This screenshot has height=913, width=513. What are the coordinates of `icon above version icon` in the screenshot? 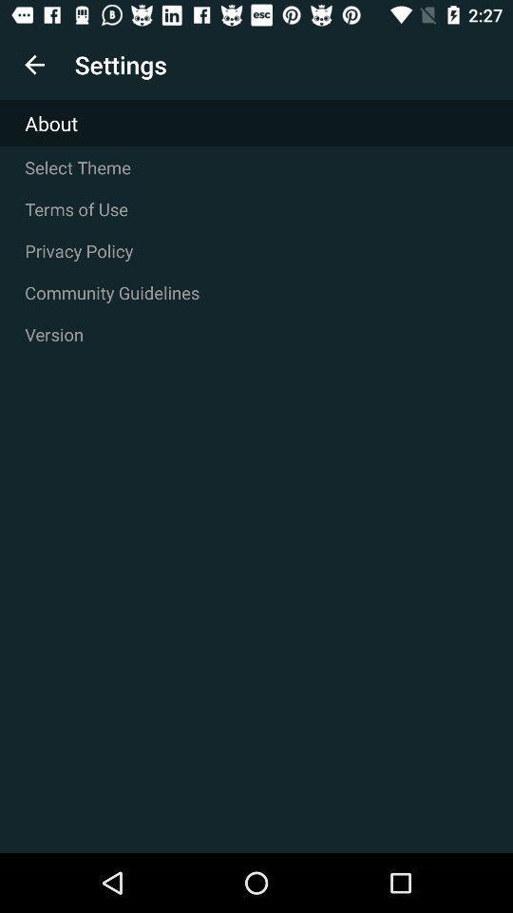 It's located at (256, 292).